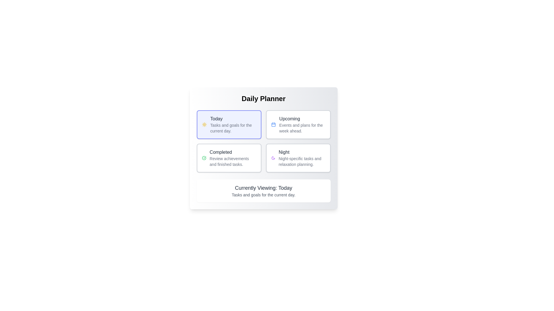 This screenshot has width=554, height=311. What do you see at coordinates (263, 148) in the screenshot?
I see `the 'Completed' card styled component for keyboard interaction` at bounding box center [263, 148].